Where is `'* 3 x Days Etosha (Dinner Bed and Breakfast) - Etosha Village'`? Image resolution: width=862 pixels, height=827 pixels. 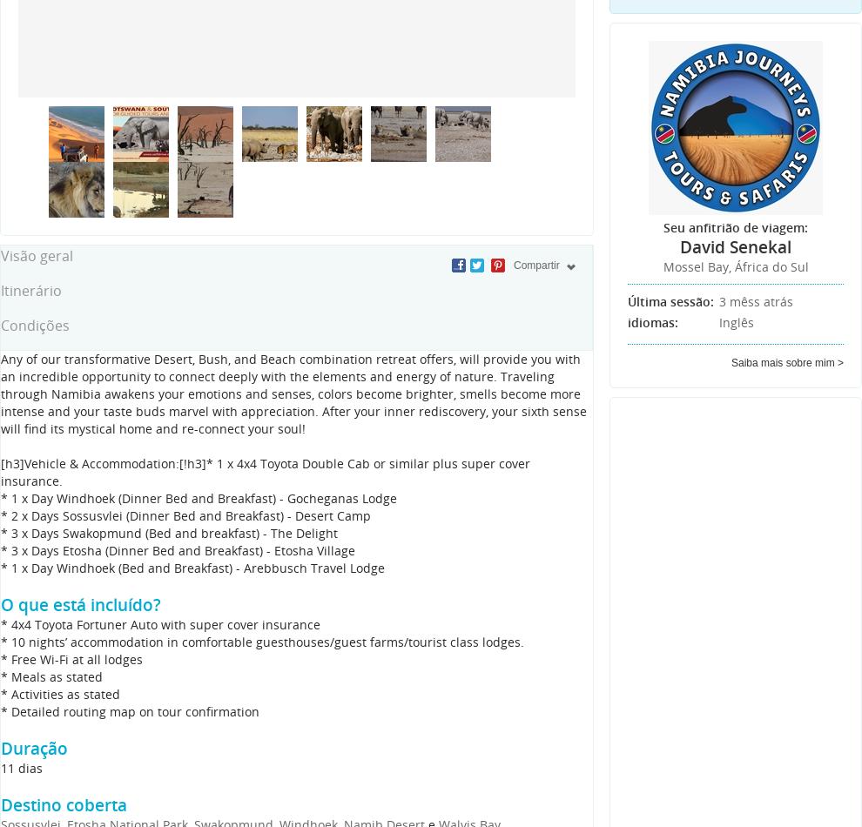 '* 3 x Days Etosha (Dinner Bed and Breakfast) - Etosha Village' is located at coordinates (0, 550).